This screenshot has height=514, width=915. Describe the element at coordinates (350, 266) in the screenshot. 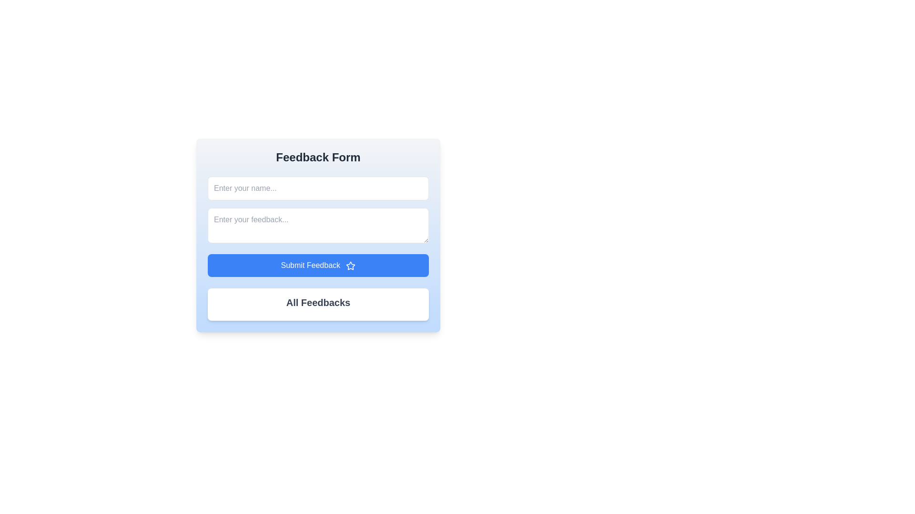

I see `the decorative star icon with a blue outline located to the right of the 'Submit Feedback' text on the blue button` at that location.